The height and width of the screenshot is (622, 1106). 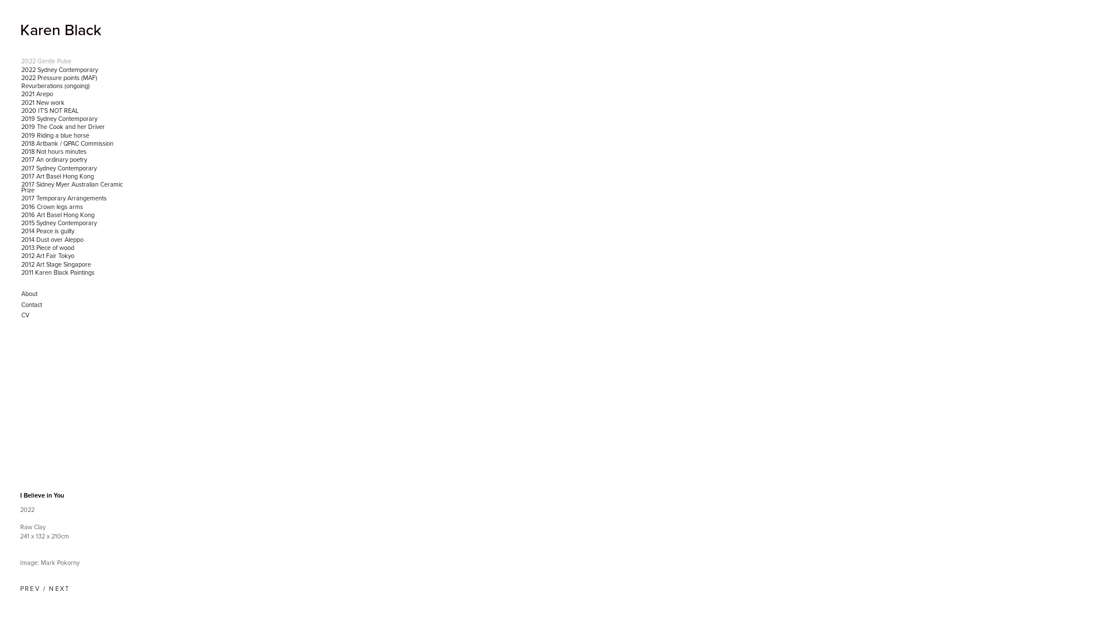 I want to click on '2018 Artbank / QPAC Commission', so click(x=74, y=143).